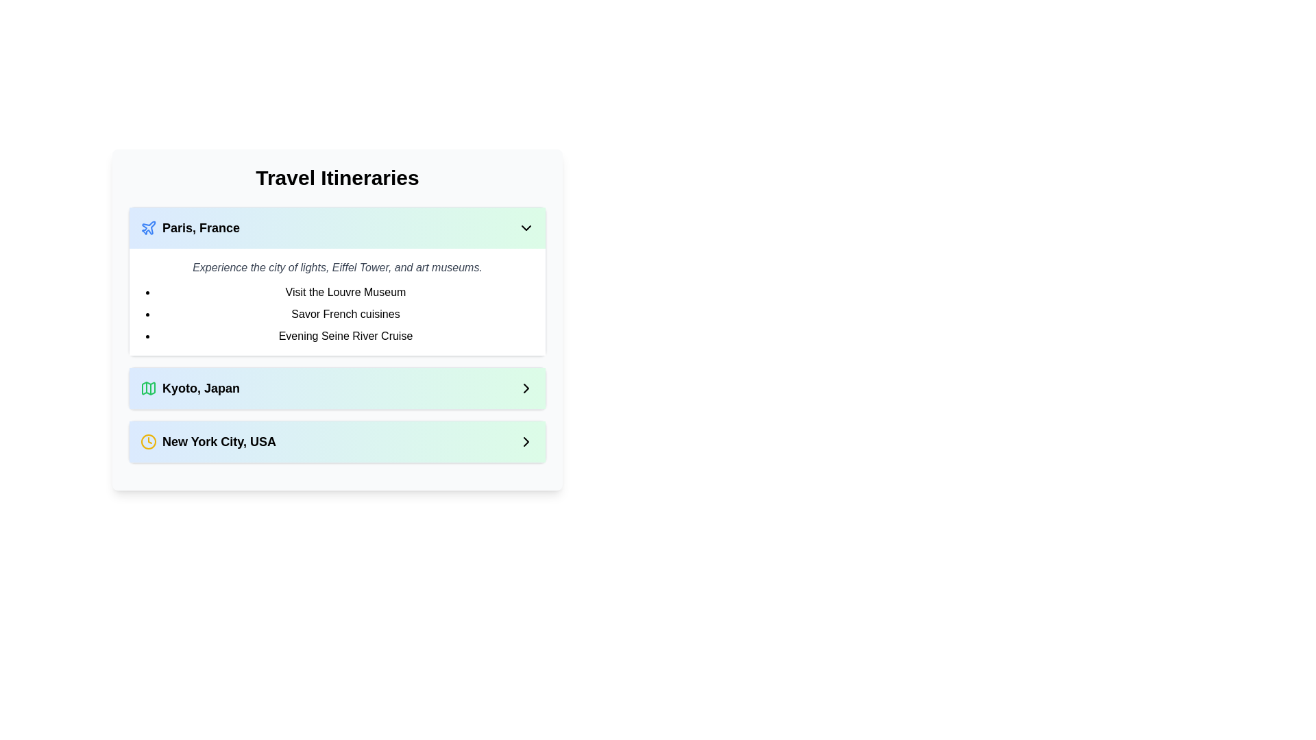 This screenshot has width=1316, height=740. Describe the element at coordinates (149, 227) in the screenshot. I see `the airplane icon representing the travel method for the 'Paris, France' itinerary option, which is the first icon in the list of travel itinerary items` at that location.